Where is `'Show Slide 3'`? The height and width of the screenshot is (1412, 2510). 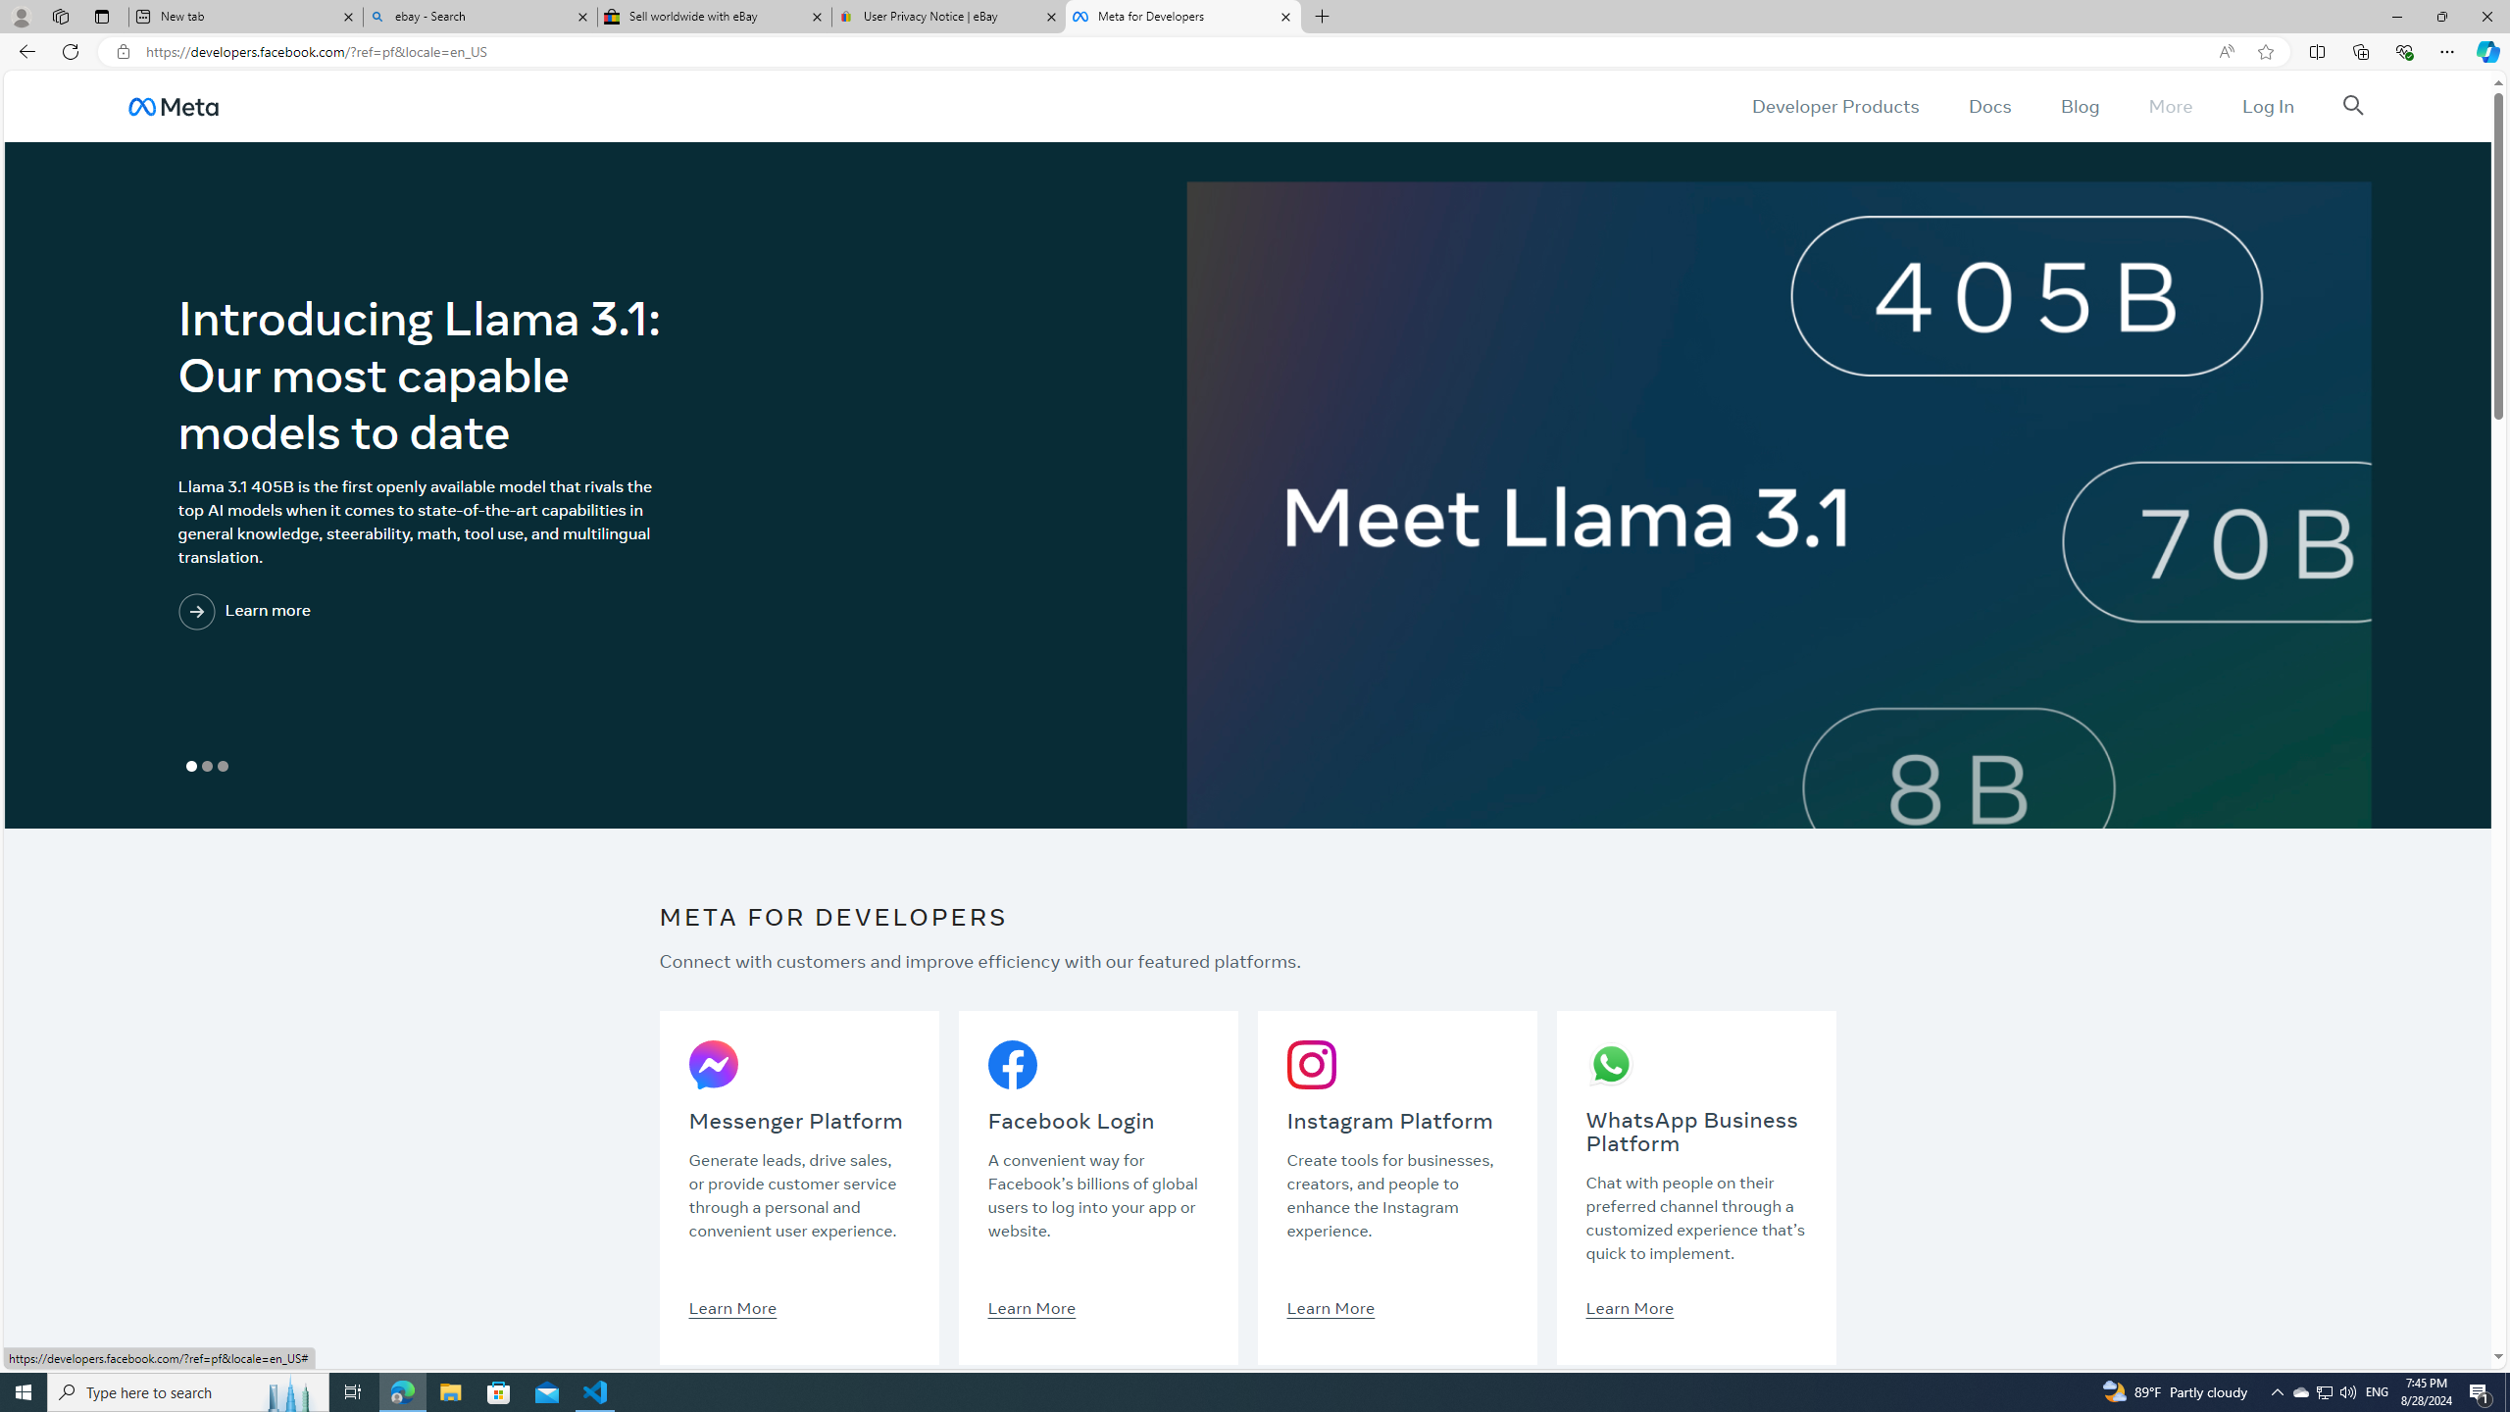
'Show Slide 3' is located at coordinates (221, 766).